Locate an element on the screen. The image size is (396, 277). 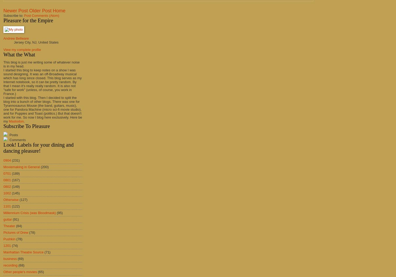
'Look! Labels for your dining and dancing pleasure!' is located at coordinates (38, 147).